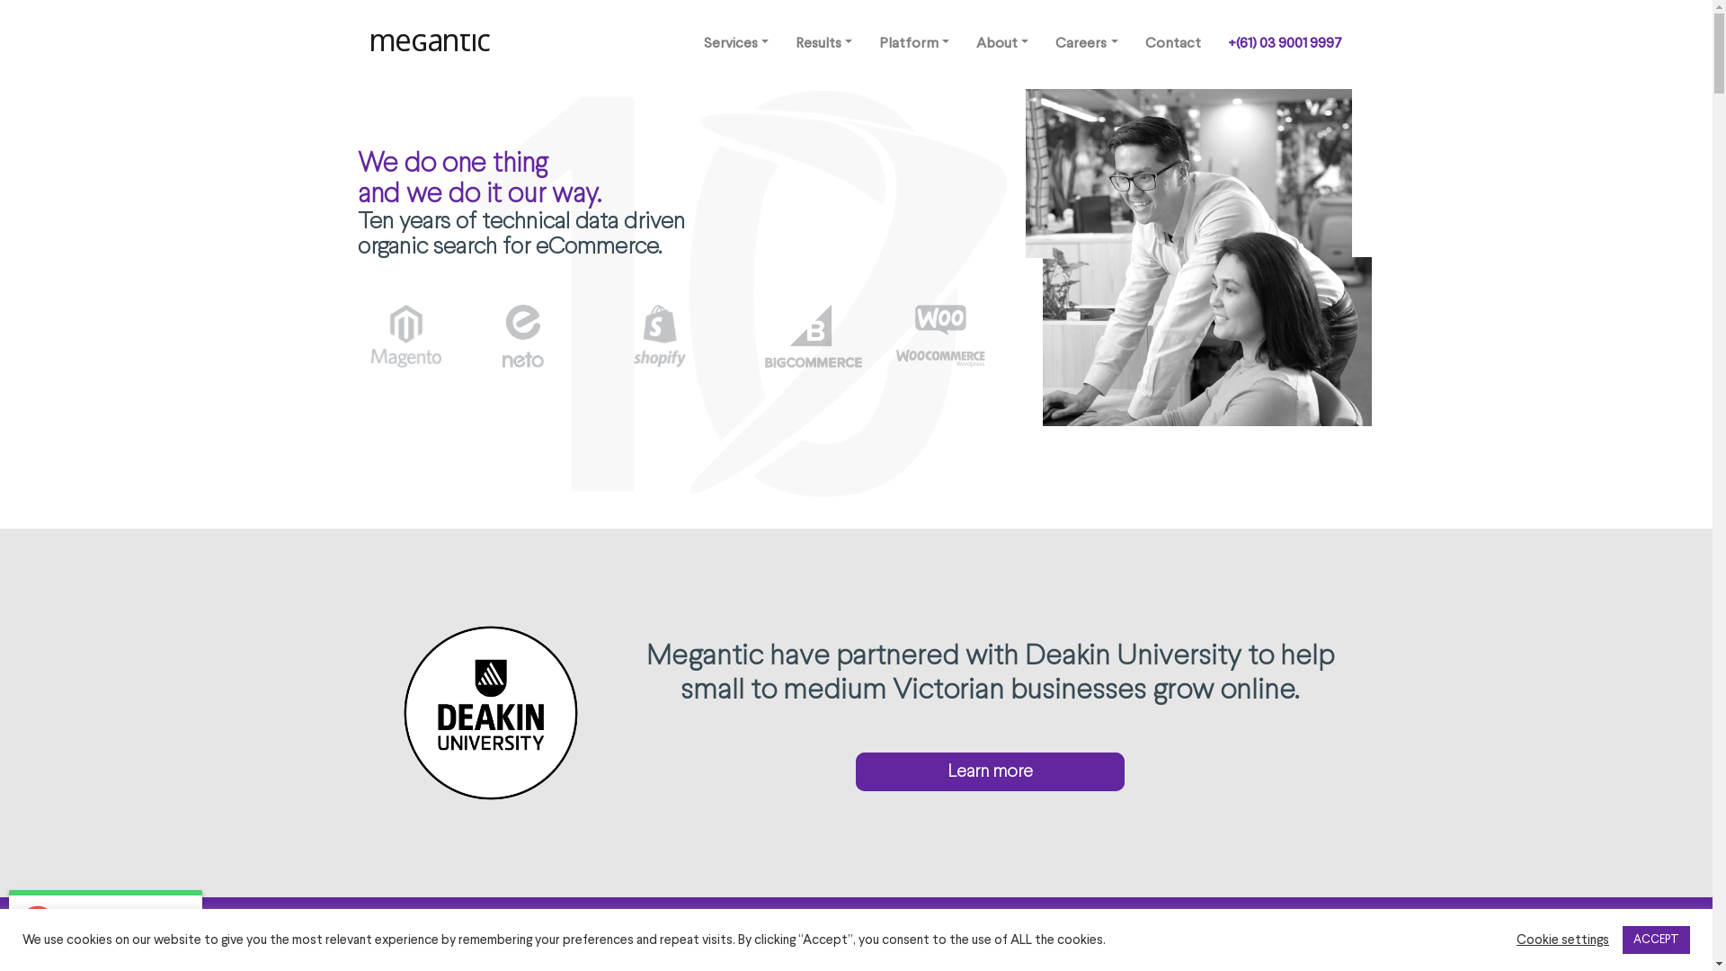  Describe the element at coordinates (989, 771) in the screenshot. I see `'Learn more'` at that location.